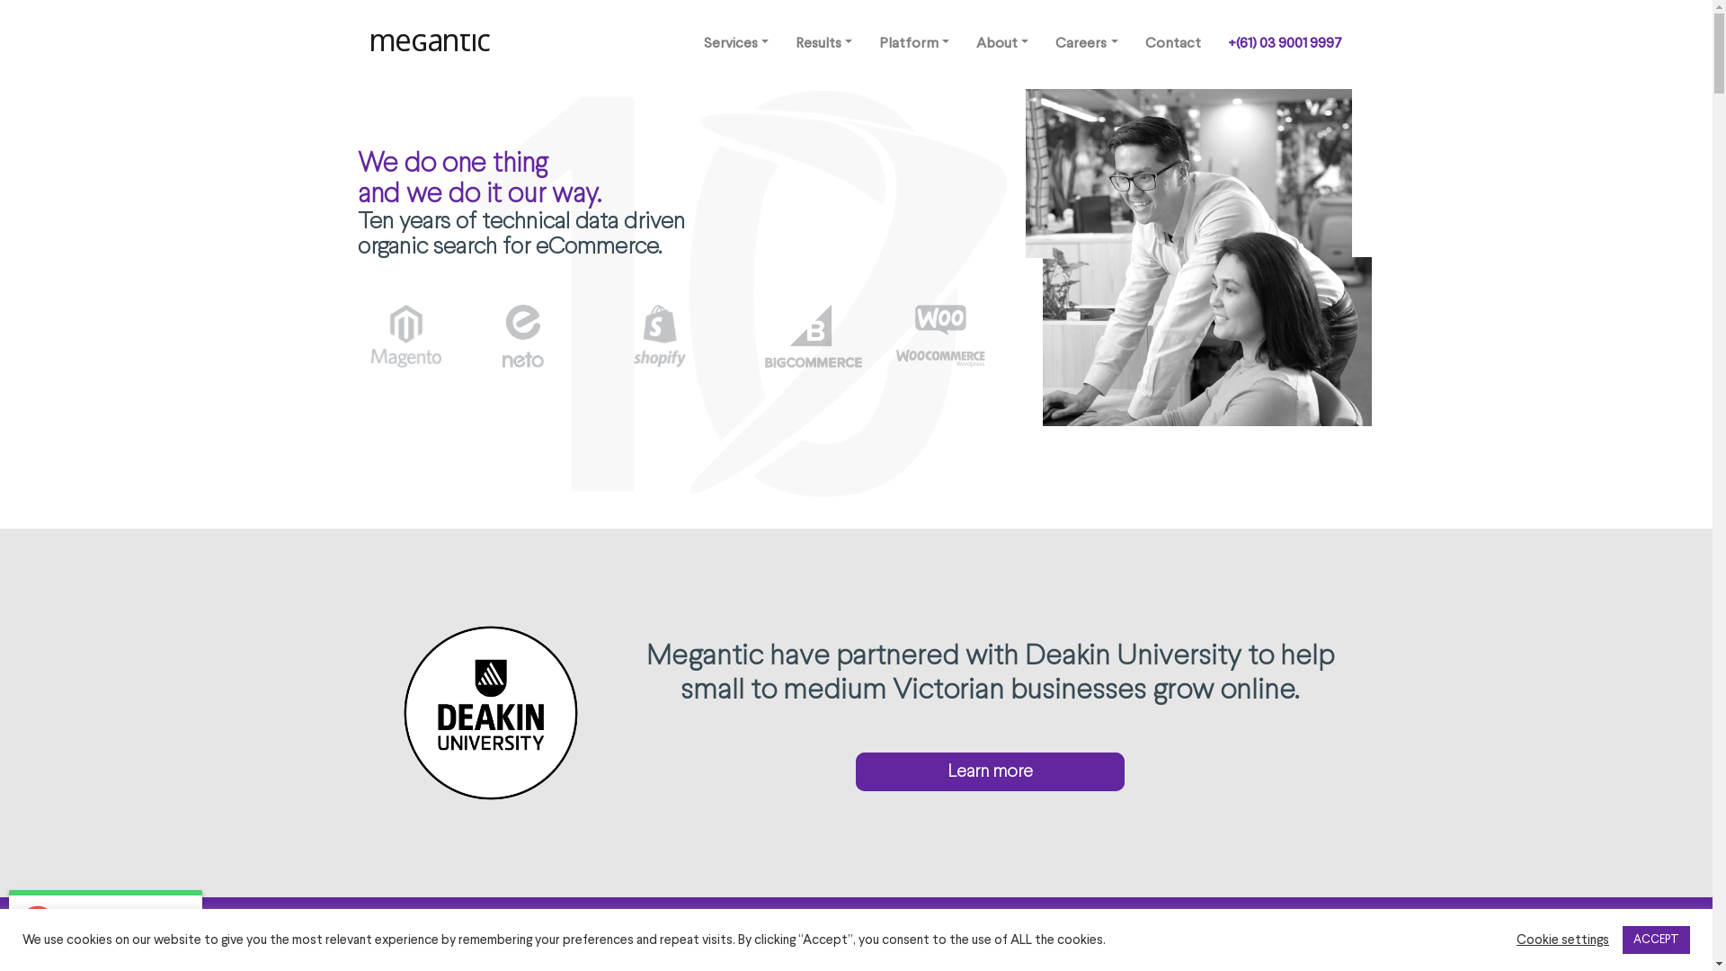  Describe the element at coordinates (989, 771) in the screenshot. I see `'Learn more'` at that location.